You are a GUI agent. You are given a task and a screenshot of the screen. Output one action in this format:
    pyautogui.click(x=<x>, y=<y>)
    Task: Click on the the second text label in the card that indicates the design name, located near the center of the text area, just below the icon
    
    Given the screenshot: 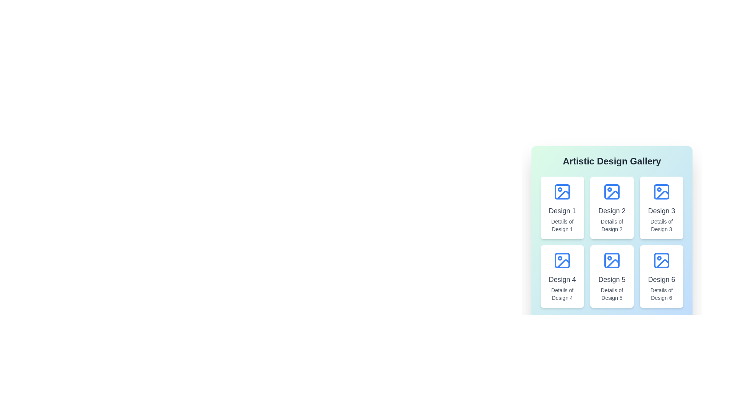 What is the action you would take?
    pyautogui.click(x=562, y=211)
    